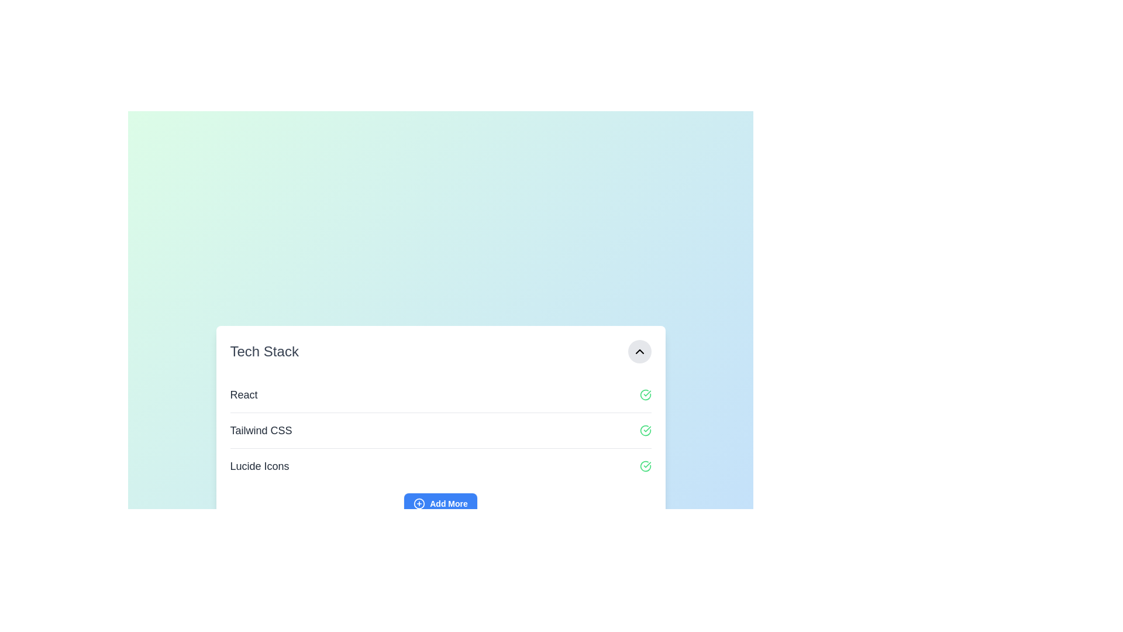  I want to click on the 'Add More' button, which has a blue background, white text, rounded corners, and is located at the bottom of the technology list, so click(440, 503).